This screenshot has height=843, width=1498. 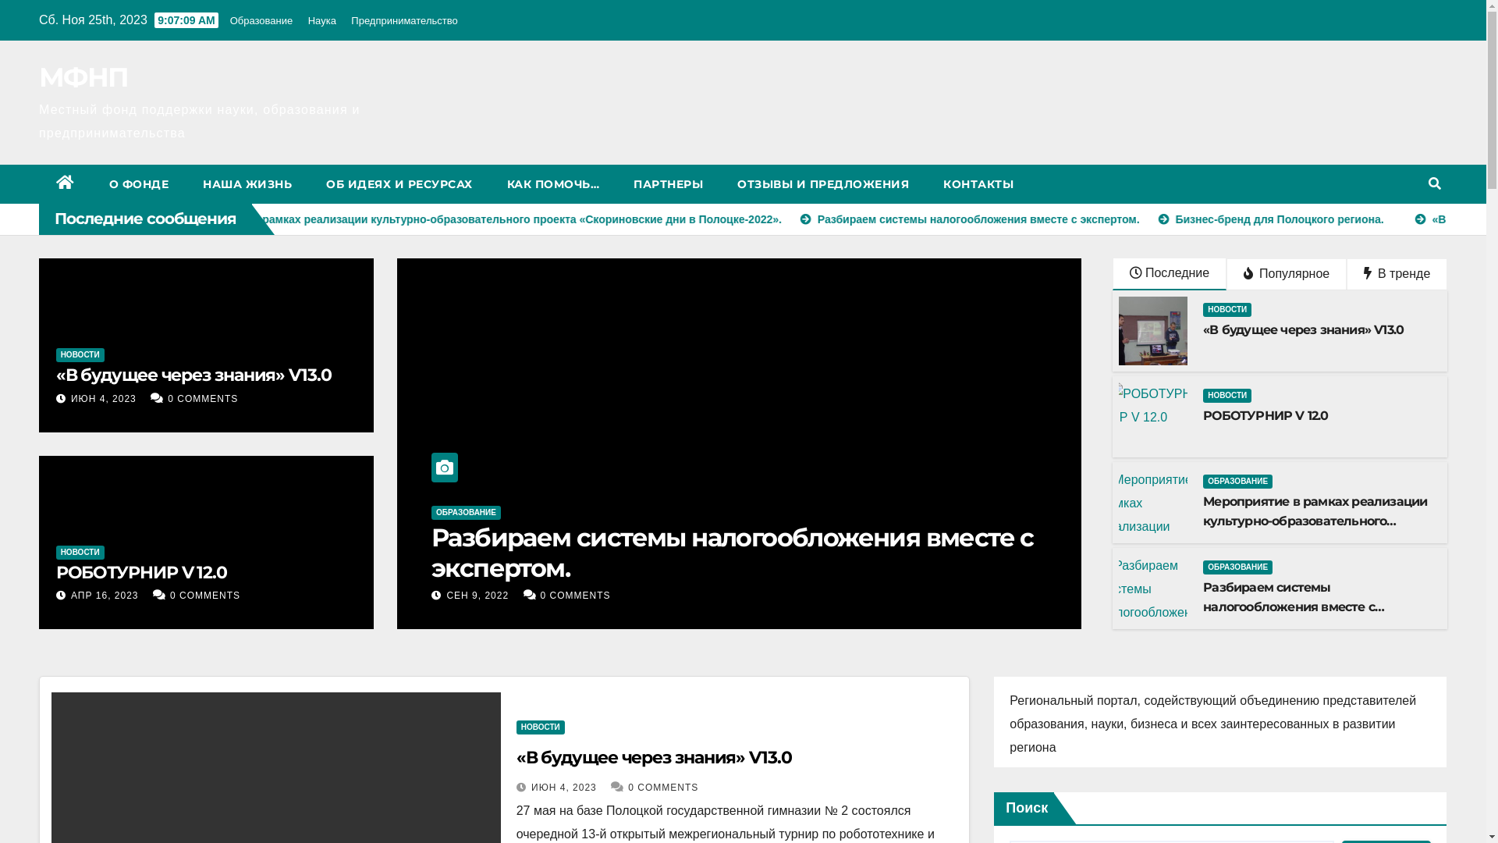 What do you see at coordinates (201, 397) in the screenshot?
I see `'0 COMMENTS'` at bounding box center [201, 397].